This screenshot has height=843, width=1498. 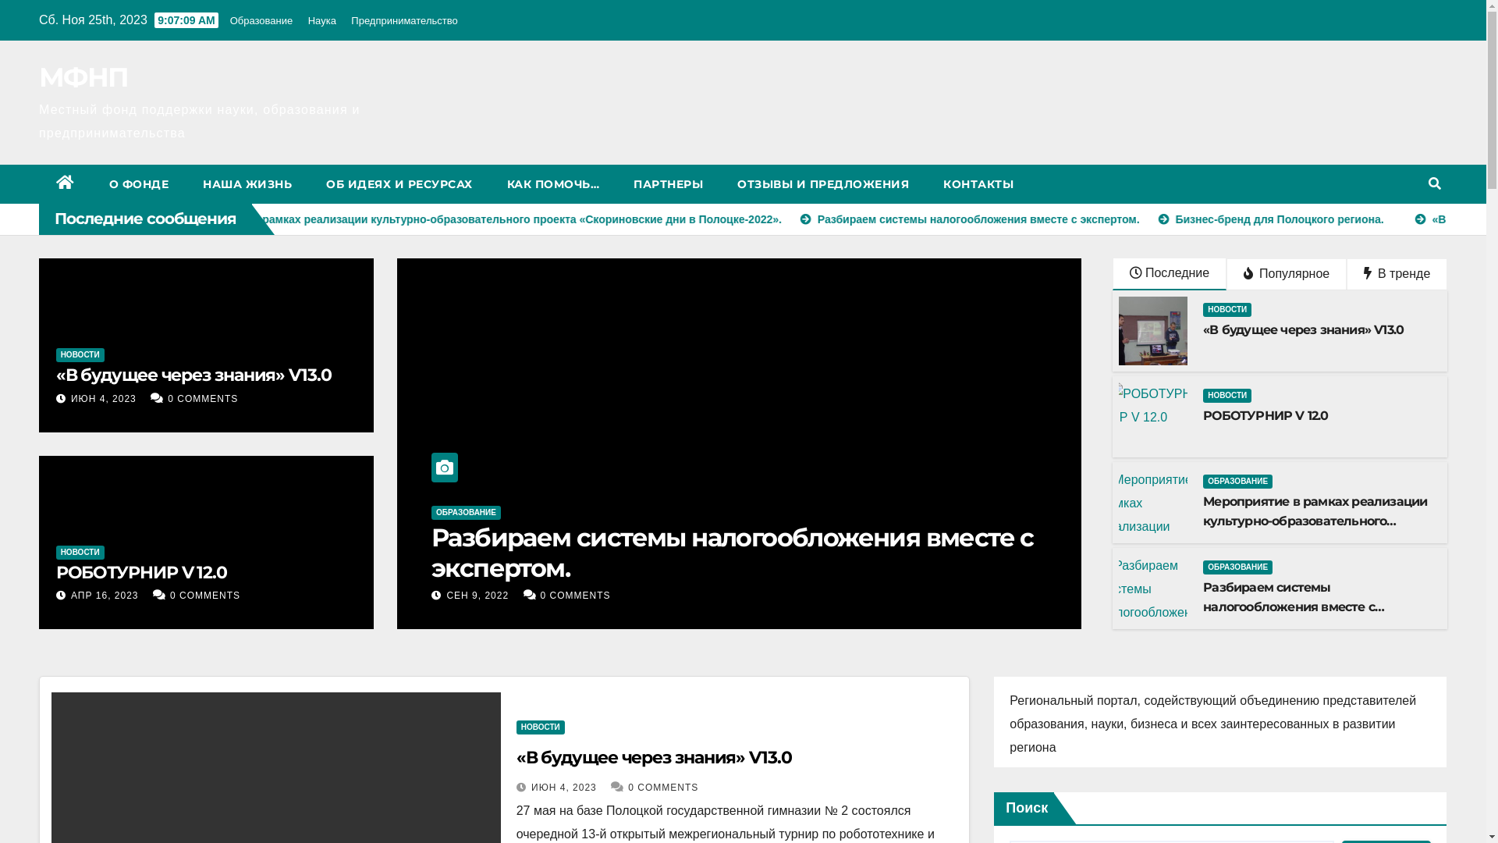 What do you see at coordinates (201, 397) in the screenshot?
I see `'0 COMMENTS'` at bounding box center [201, 397].